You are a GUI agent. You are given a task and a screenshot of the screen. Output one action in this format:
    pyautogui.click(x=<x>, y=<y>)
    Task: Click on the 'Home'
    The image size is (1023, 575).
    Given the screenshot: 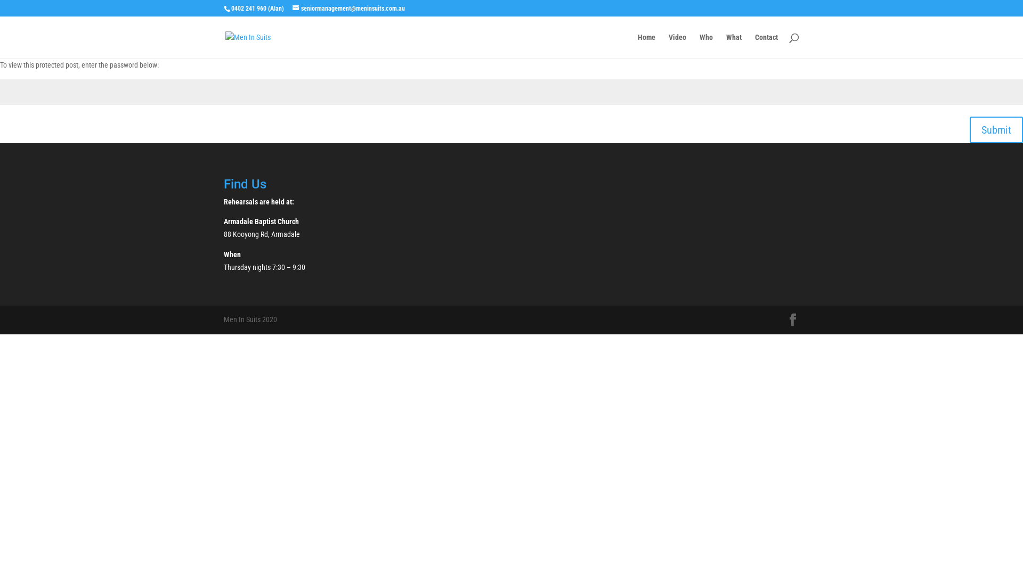 What is the action you would take?
    pyautogui.click(x=646, y=45)
    